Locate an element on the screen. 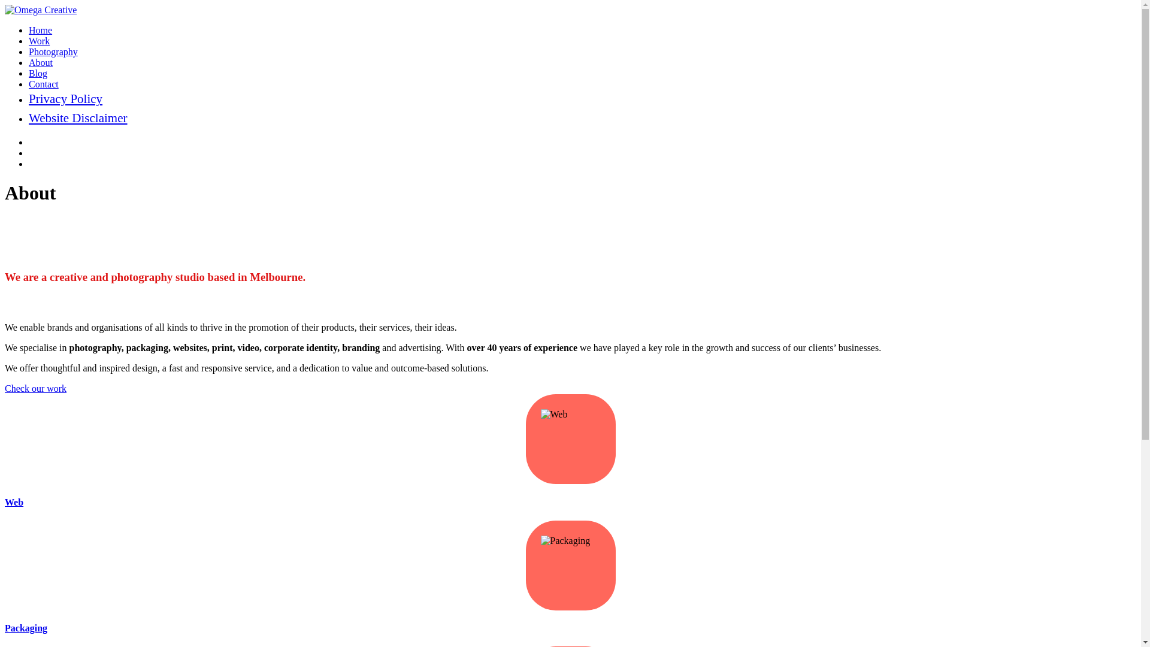 This screenshot has width=1150, height=647. 'Home' is located at coordinates (40, 29).